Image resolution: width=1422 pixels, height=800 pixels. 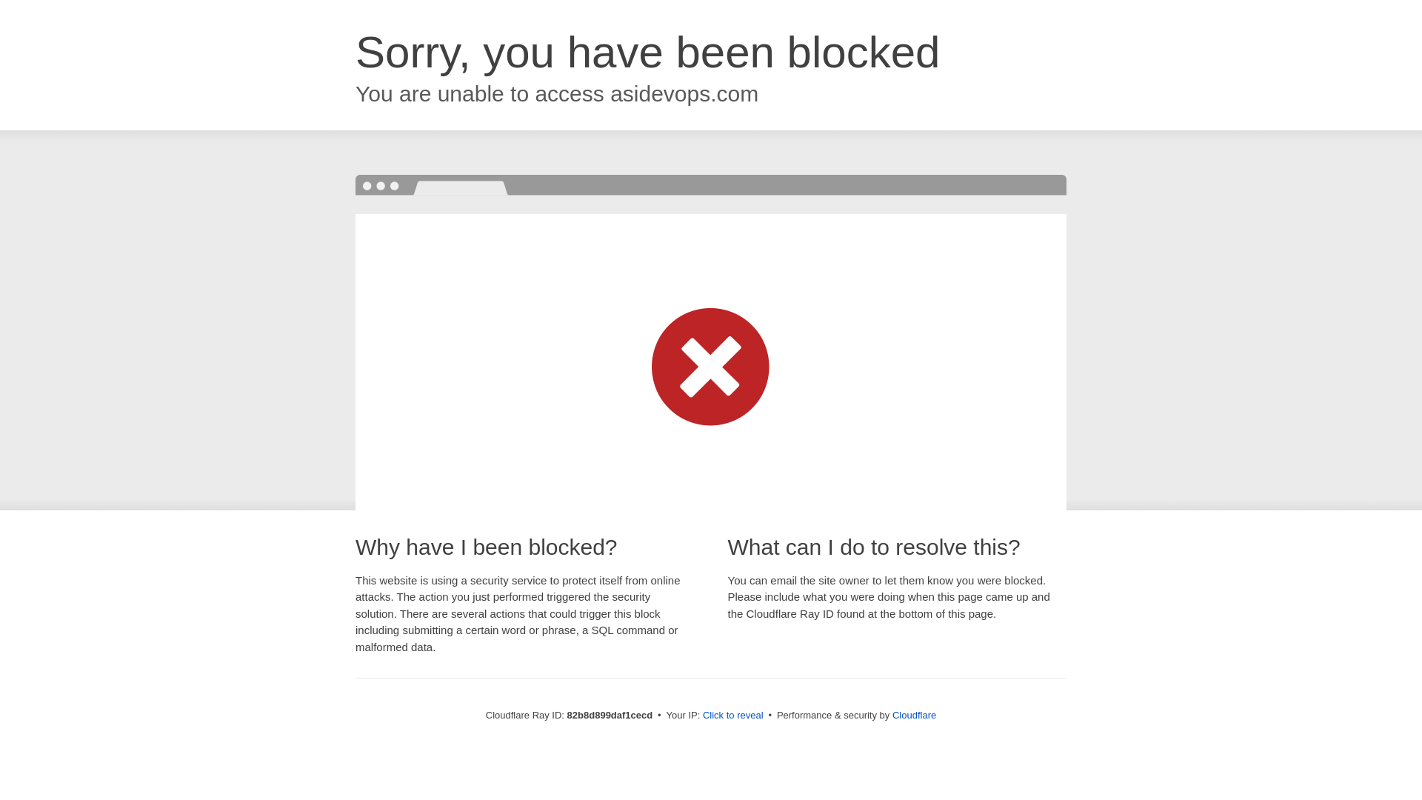 I want to click on 'Cloudflare', so click(x=913, y=714).